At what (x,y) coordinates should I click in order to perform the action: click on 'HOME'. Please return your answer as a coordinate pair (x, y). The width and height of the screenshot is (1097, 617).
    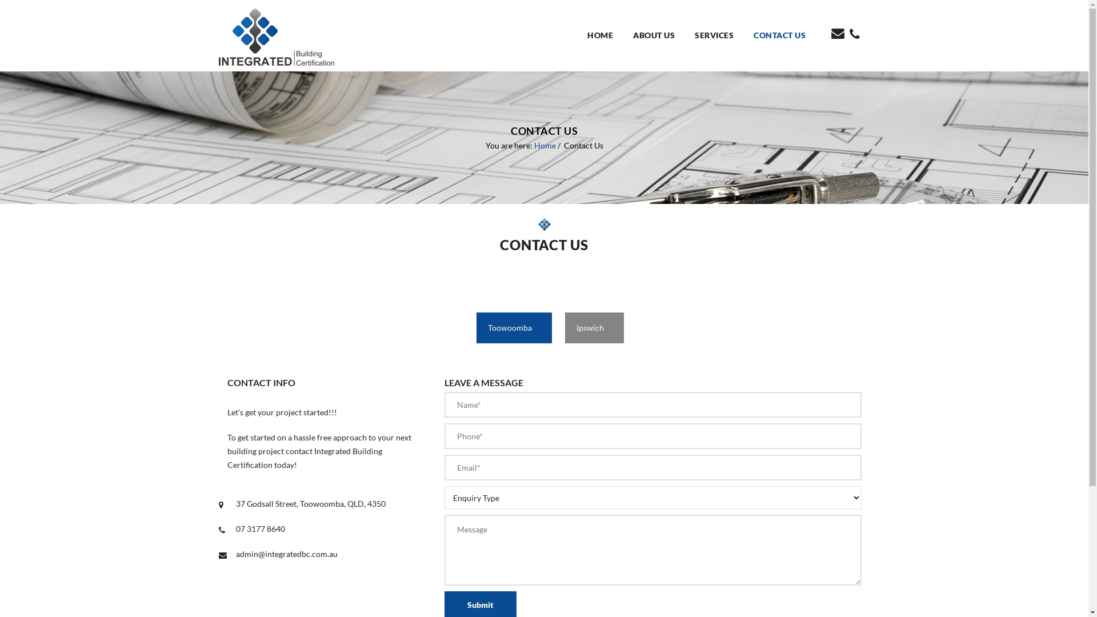
    Looking at the image, I should click on (603, 35).